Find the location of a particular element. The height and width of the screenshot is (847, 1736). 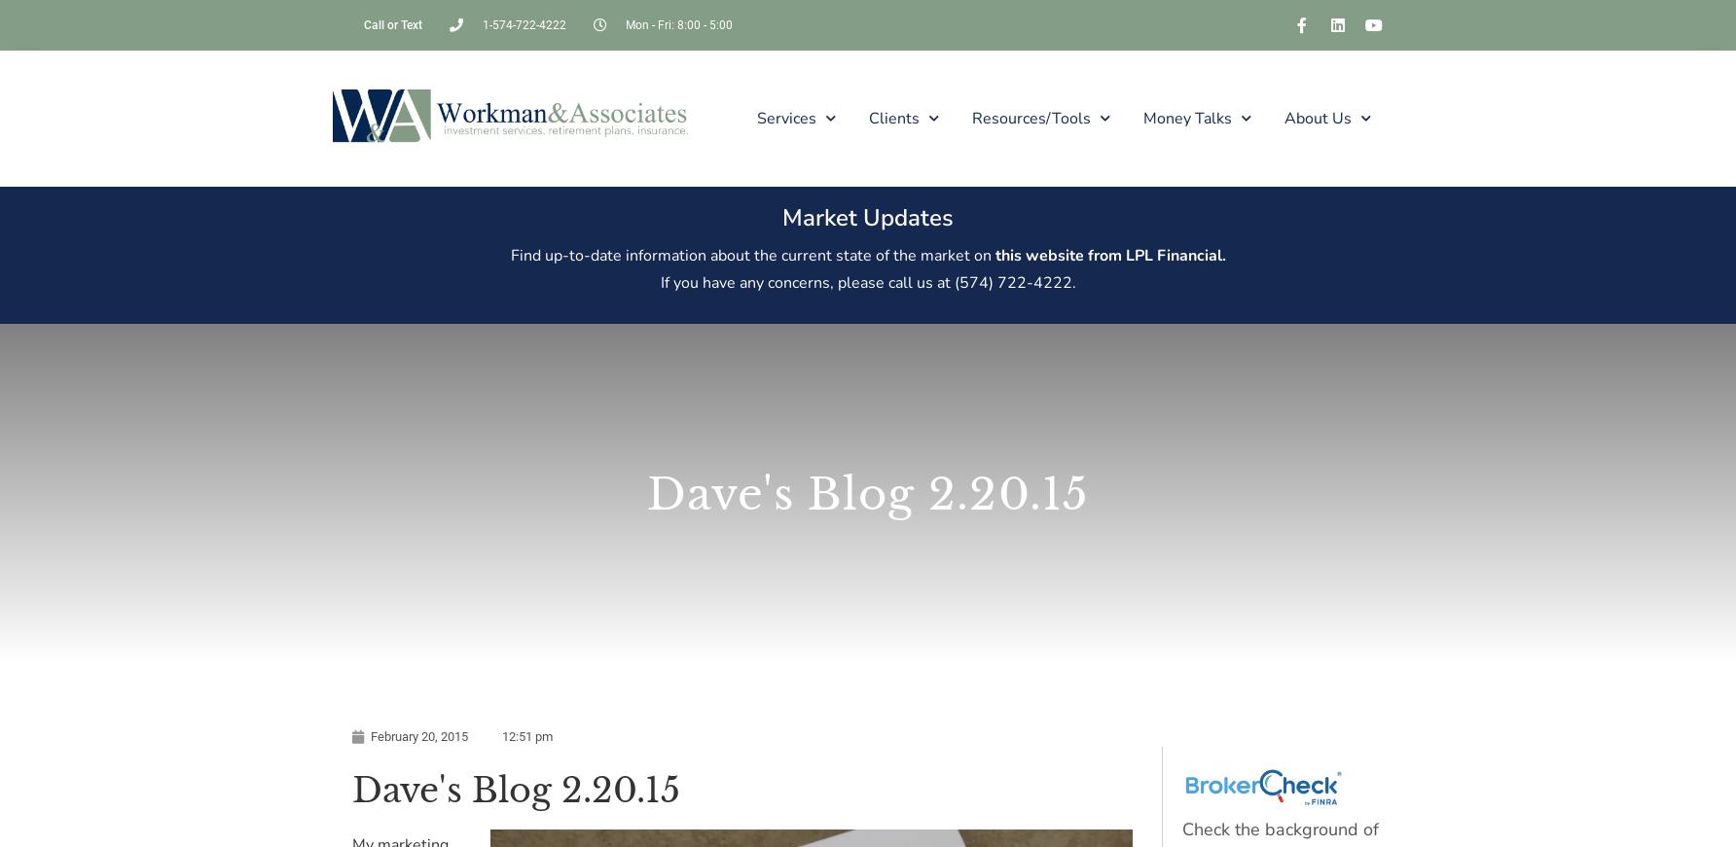

'Clients' is located at coordinates (893, 116).